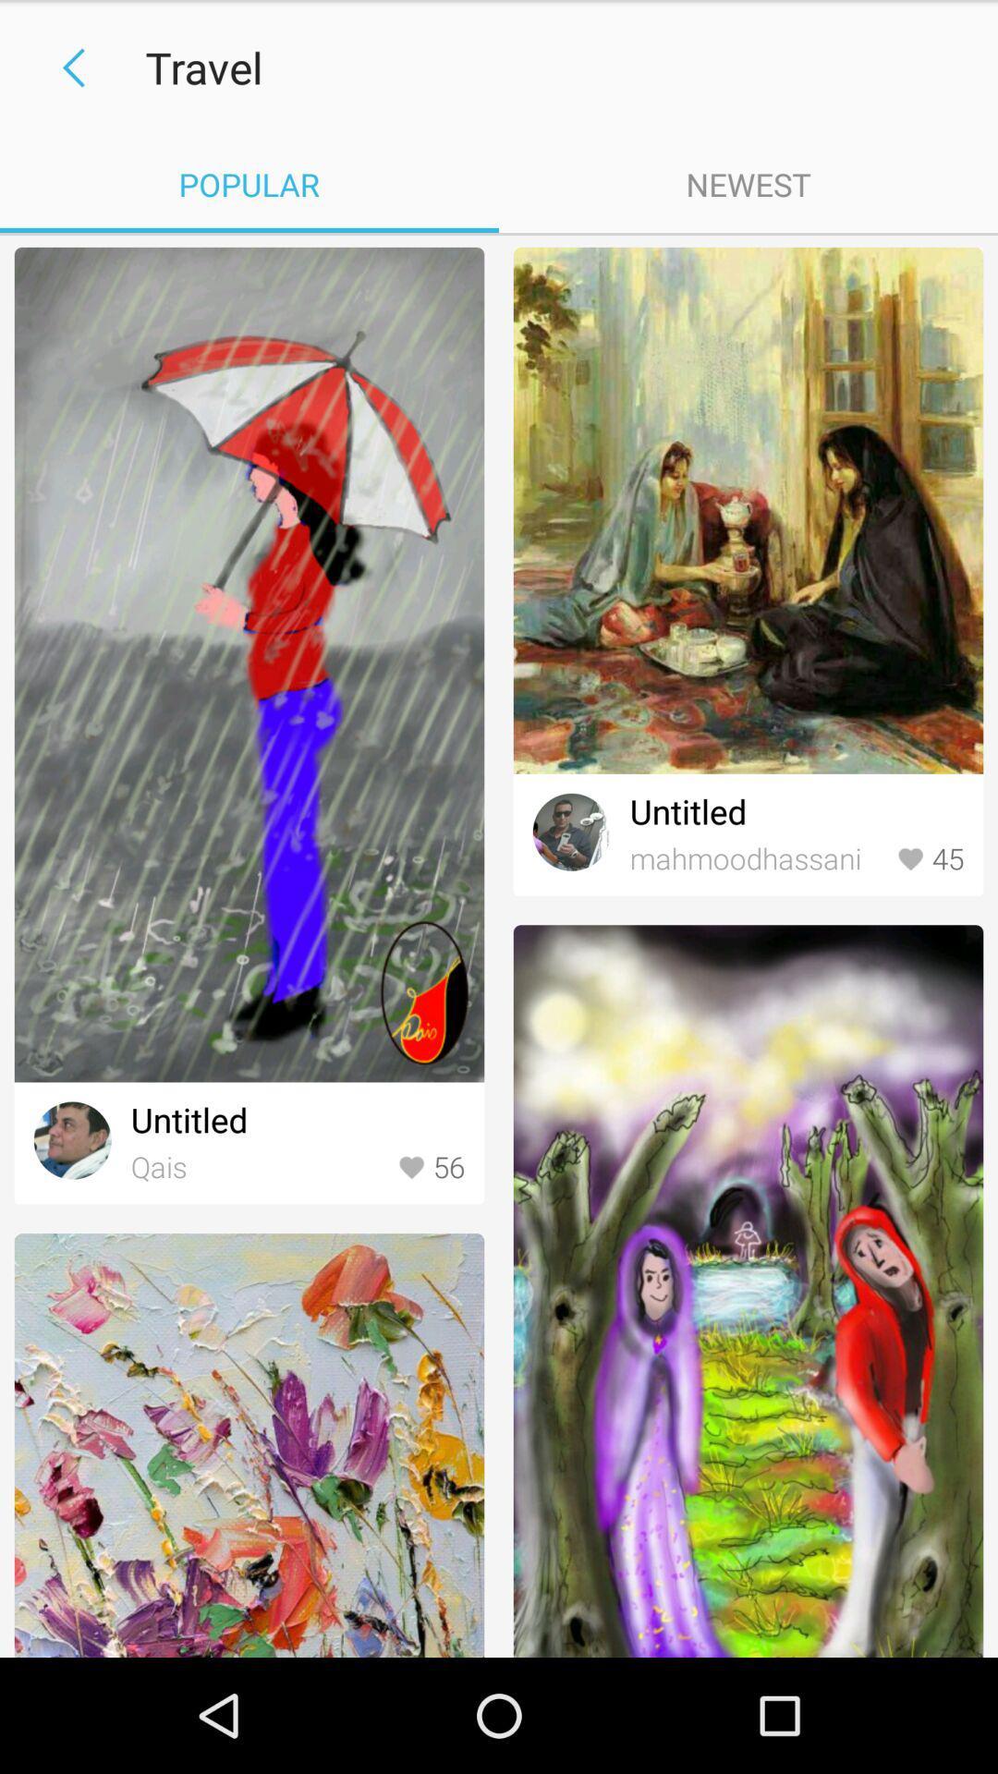  I want to click on icon to the right of qais, so click(431, 1167).